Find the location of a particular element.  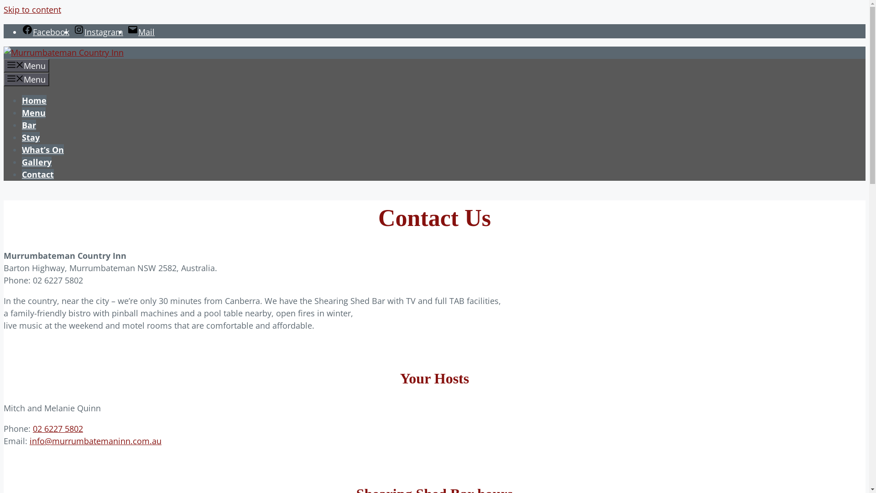

'Home' is located at coordinates (34, 100).